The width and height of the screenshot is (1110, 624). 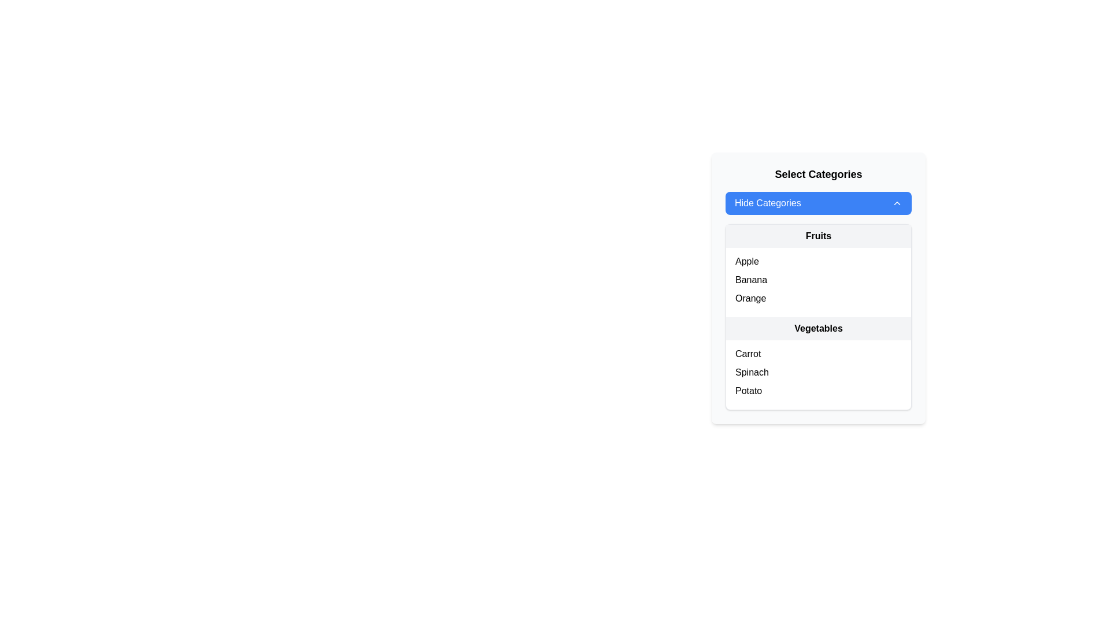 What do you see at coordinates (818, 372) in the screenshot?
I see `the 'Spinach' list item in the 'Vegetables' section of the dropdown, which is the second item after 'Carrot' and before 'Potato'` at bounding box center [818, 372].